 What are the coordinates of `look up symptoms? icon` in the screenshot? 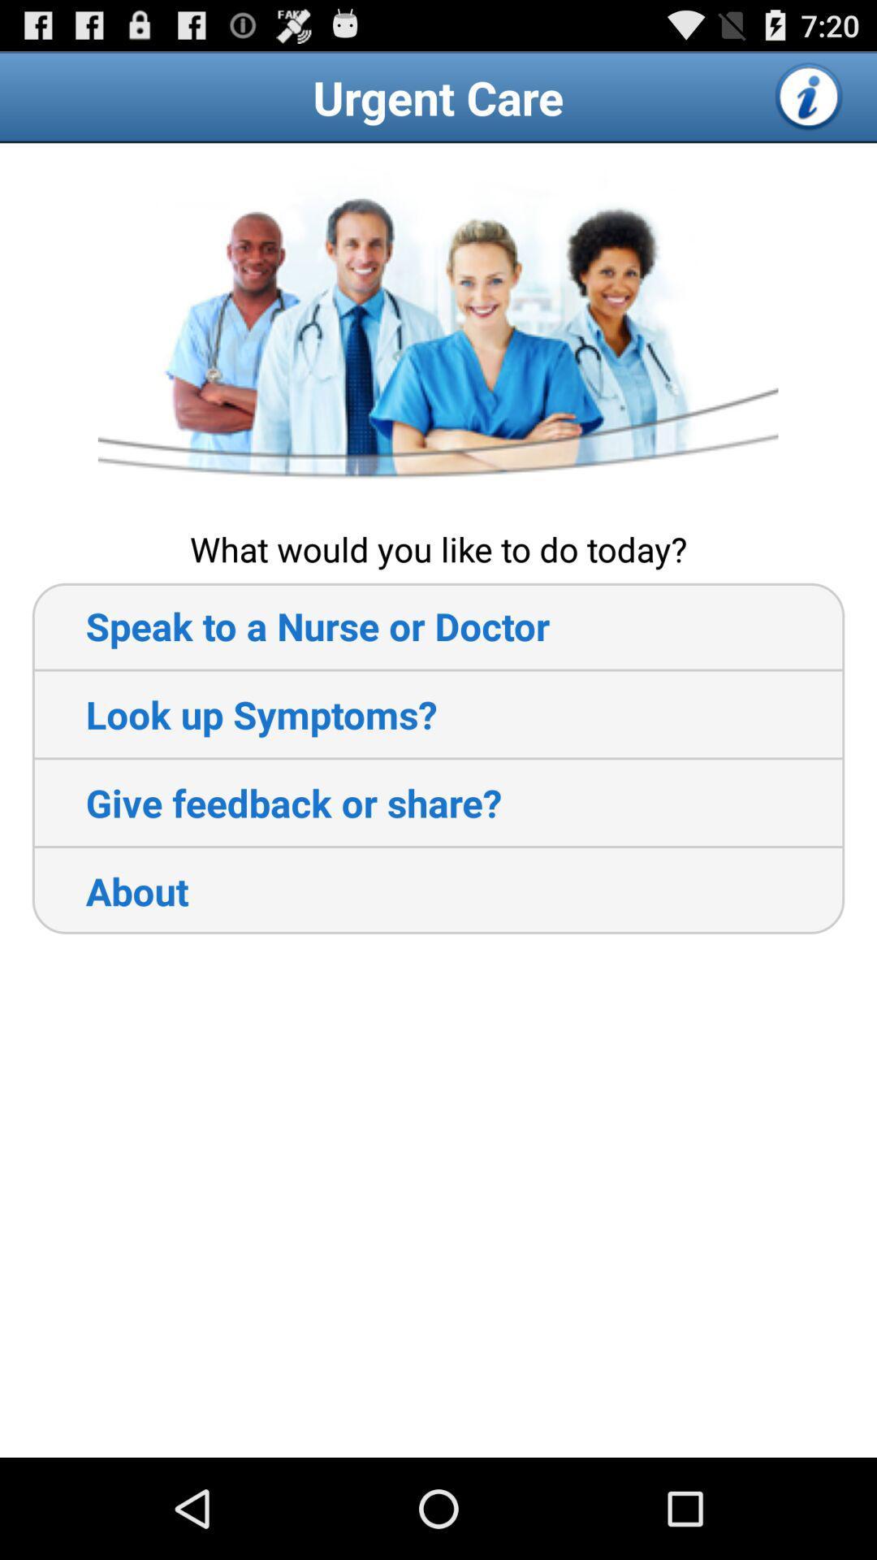 It's located at (235, 714).